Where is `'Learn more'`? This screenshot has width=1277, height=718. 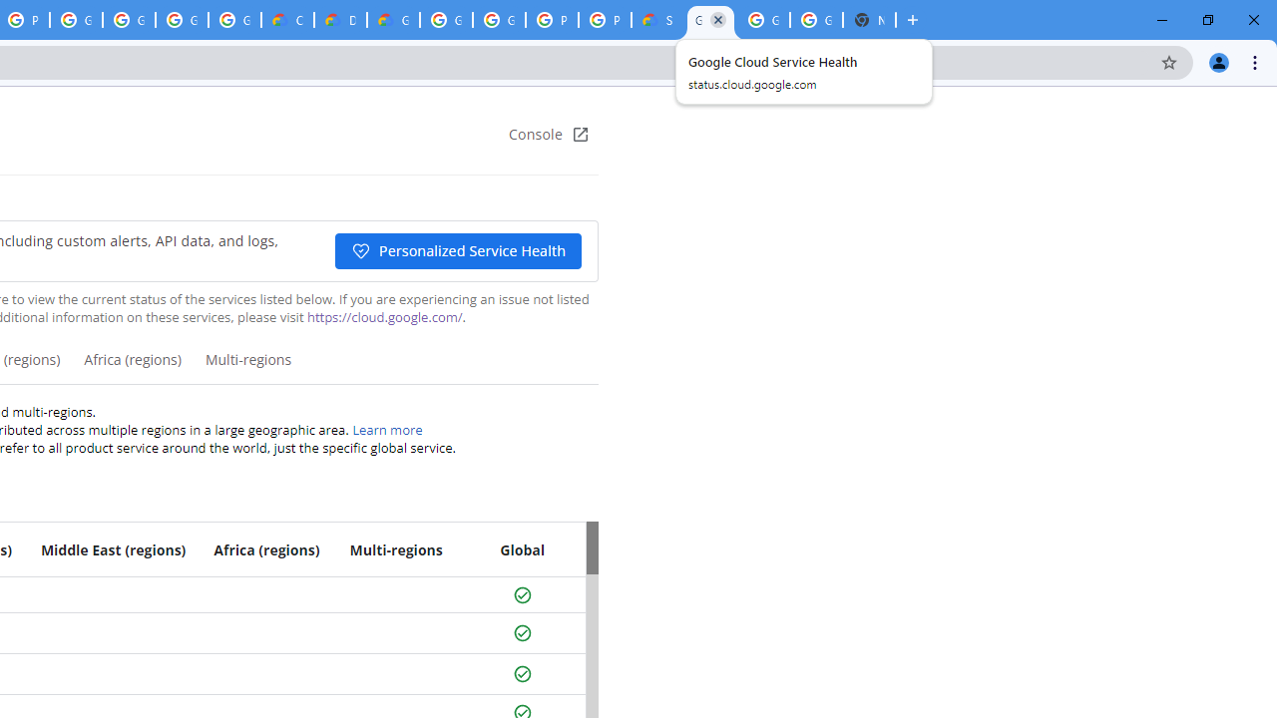 'Learn more' is located at coordinates (387, 429).